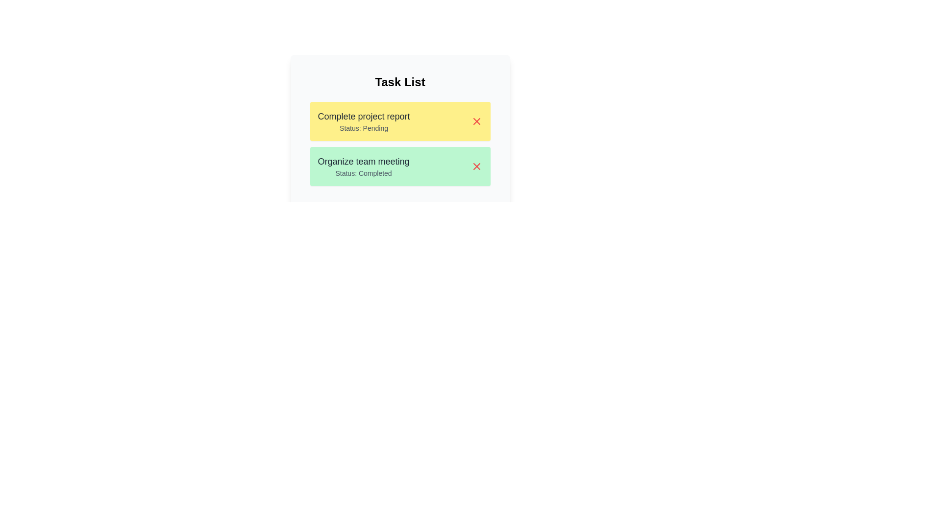 This screenshot has width=941, height=529. I want to click on the red X button next to the task to remove it, so click(476, 120).